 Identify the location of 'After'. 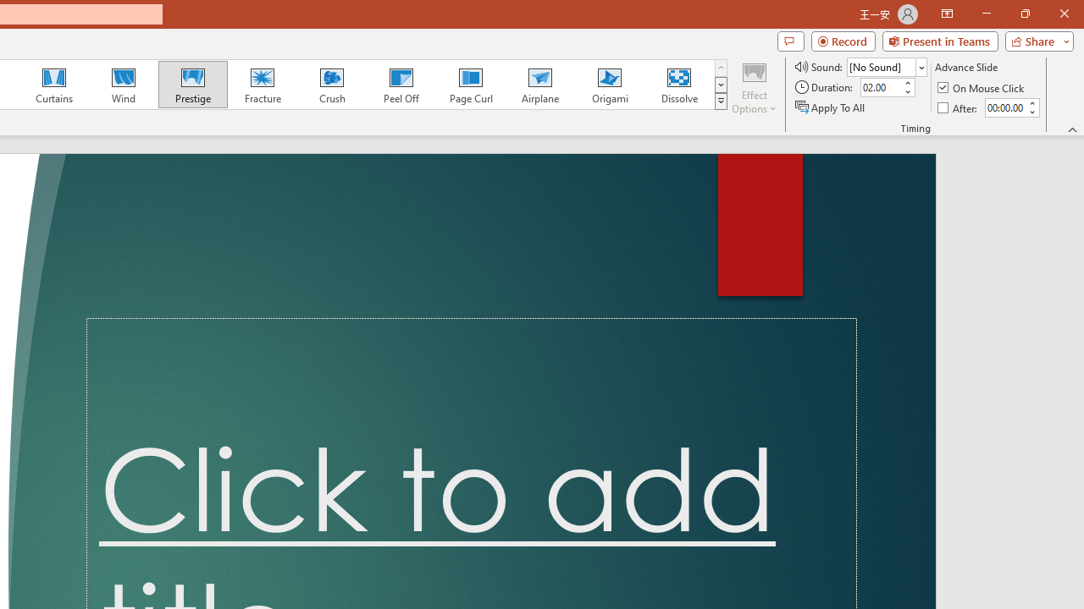
(959, 107).